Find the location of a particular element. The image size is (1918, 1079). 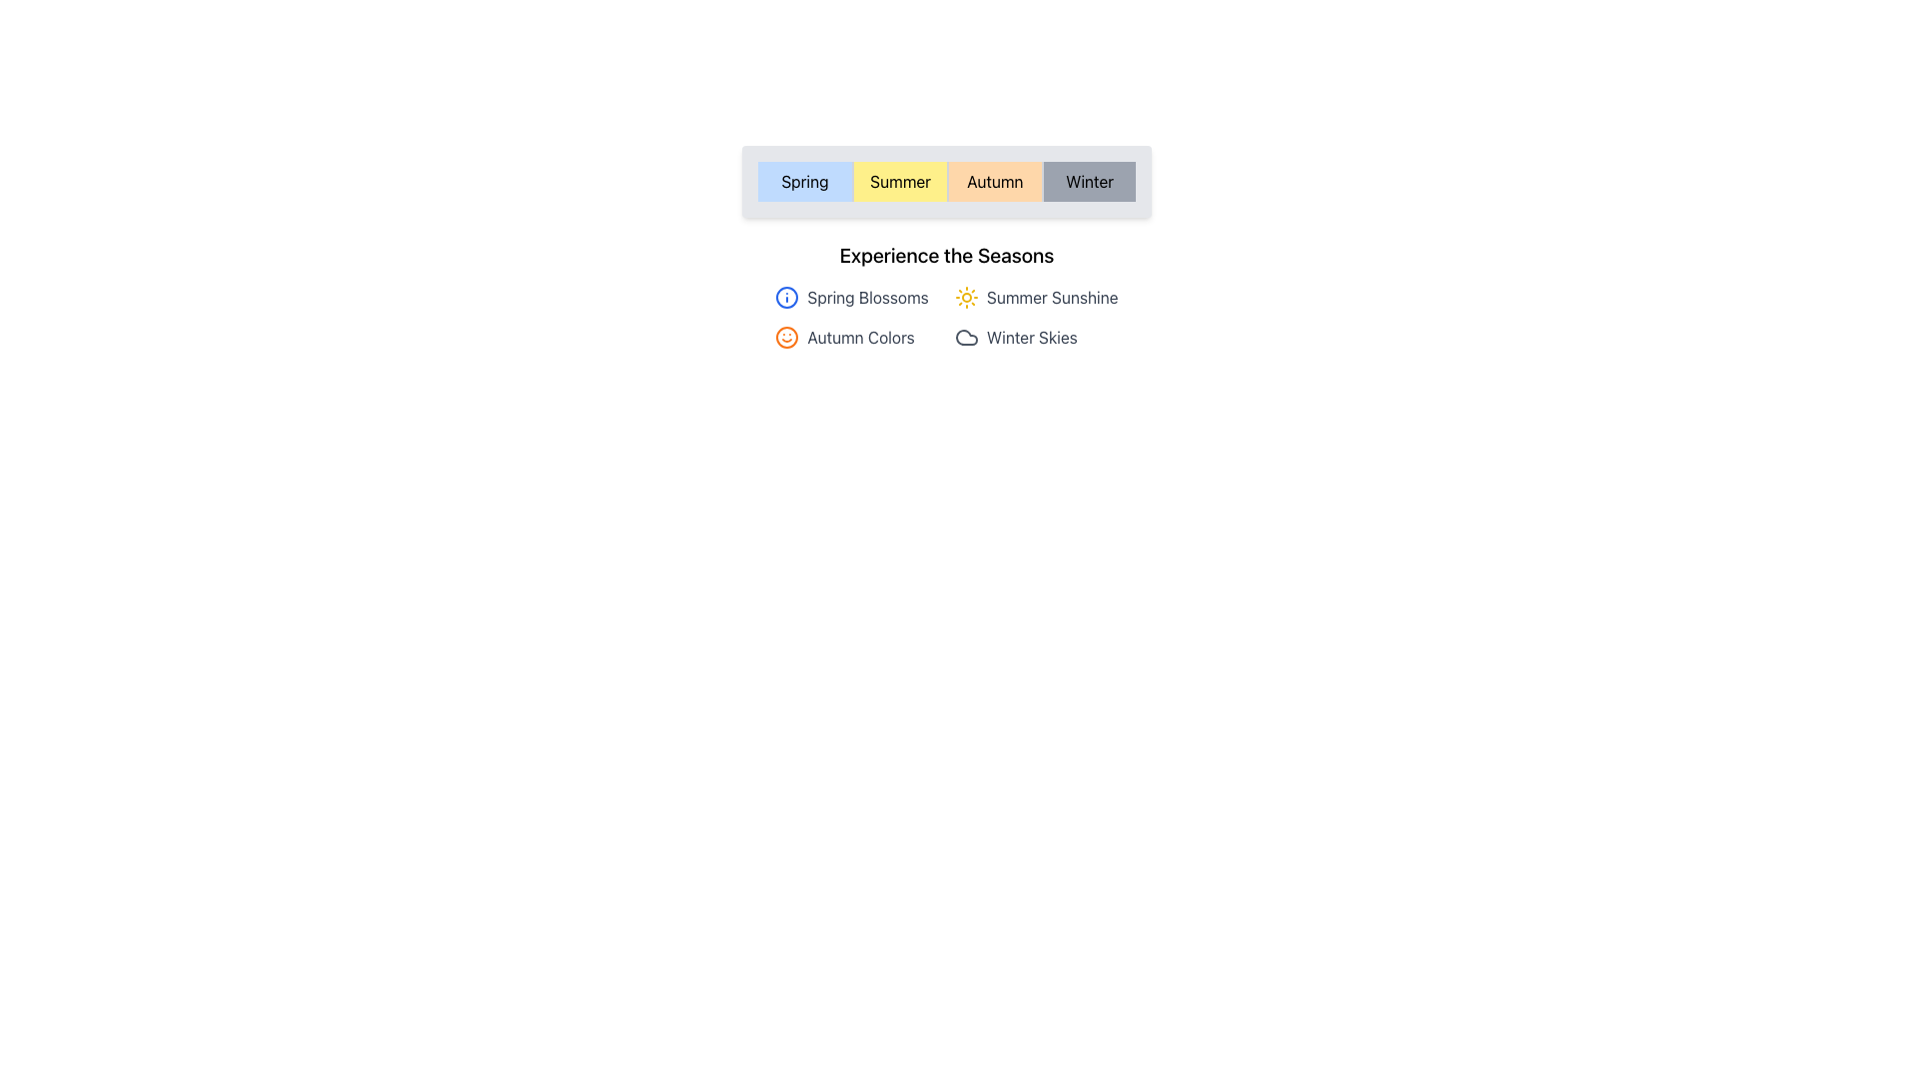

the text element that represents the concept of autumn, located beneath the 'Experience the Seasons' section and to the right of an orange smiling face icon is located at coordinates (861, 337).